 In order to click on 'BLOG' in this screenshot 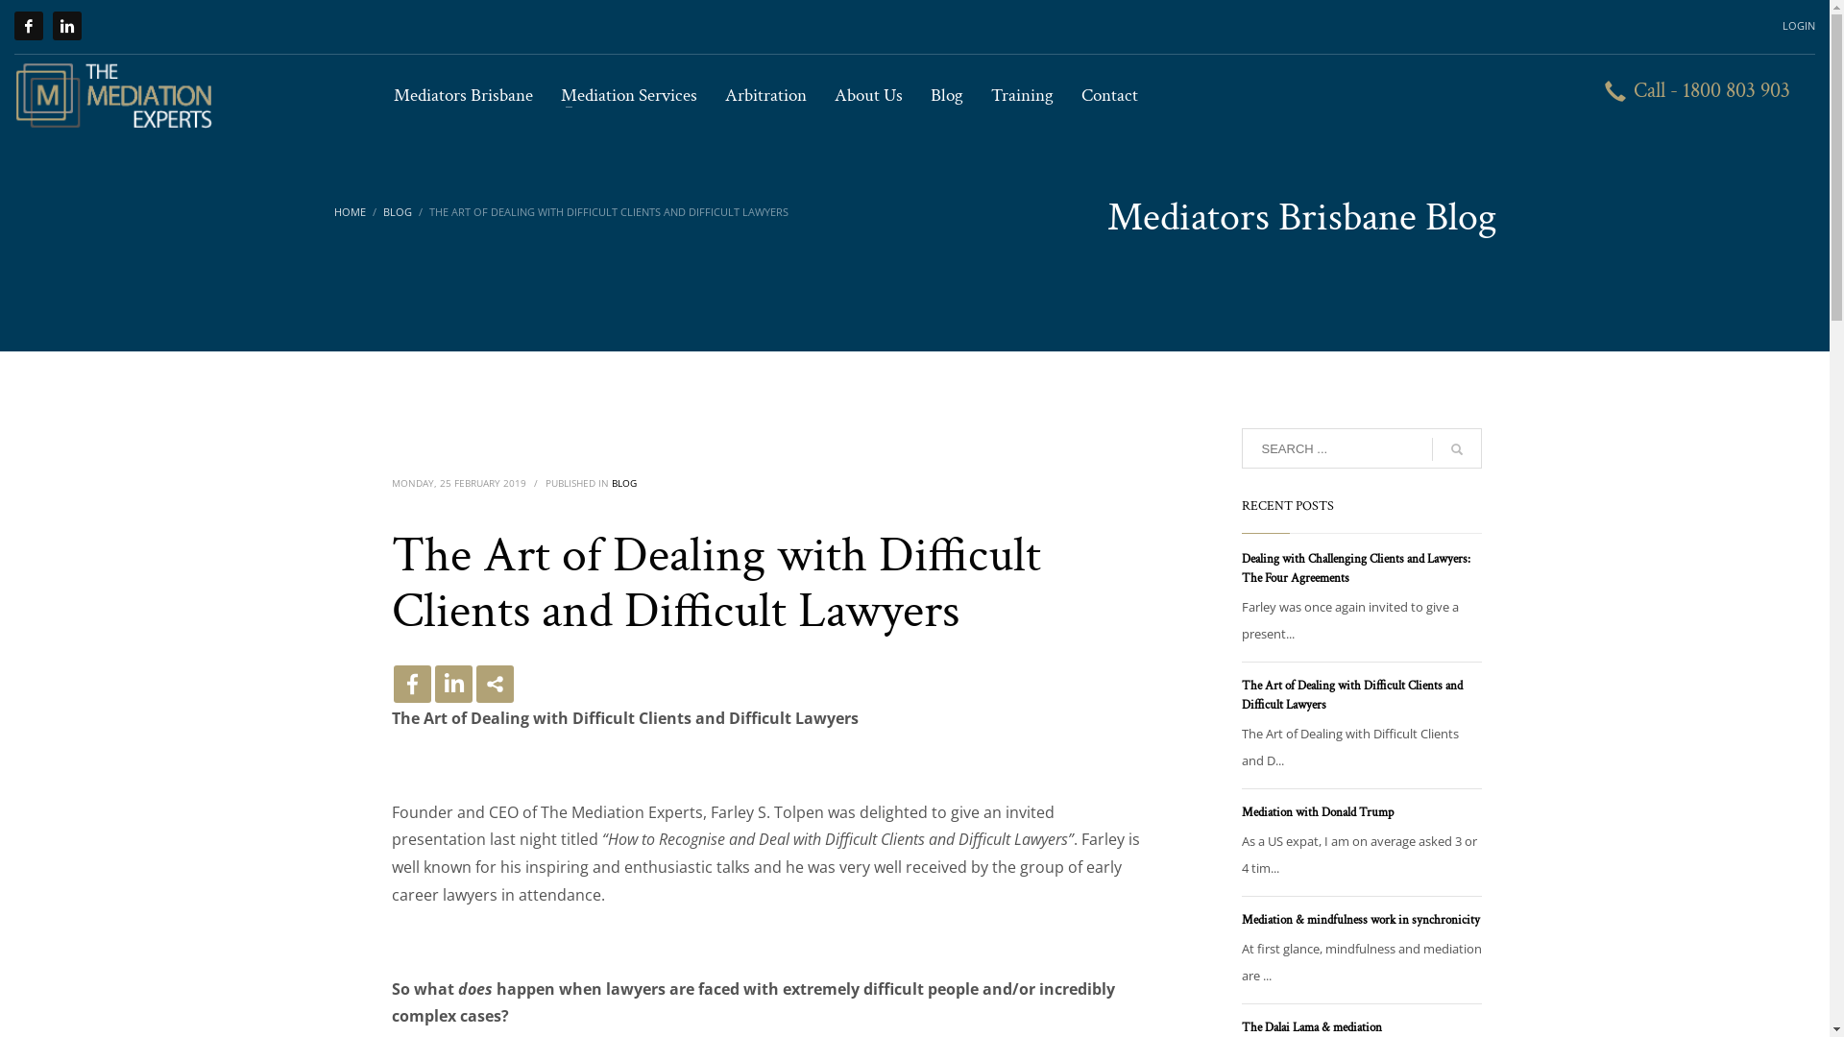, I will do `click(395, 211)`.